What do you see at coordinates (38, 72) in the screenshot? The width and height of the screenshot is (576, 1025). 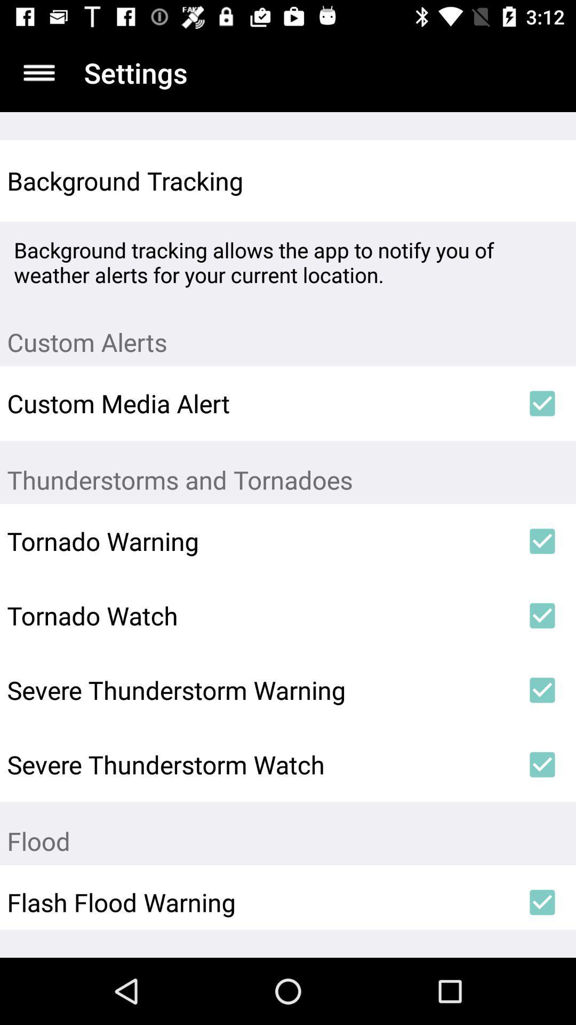 I see `the app to the left of the settings item` at bounding box center [38, 72].